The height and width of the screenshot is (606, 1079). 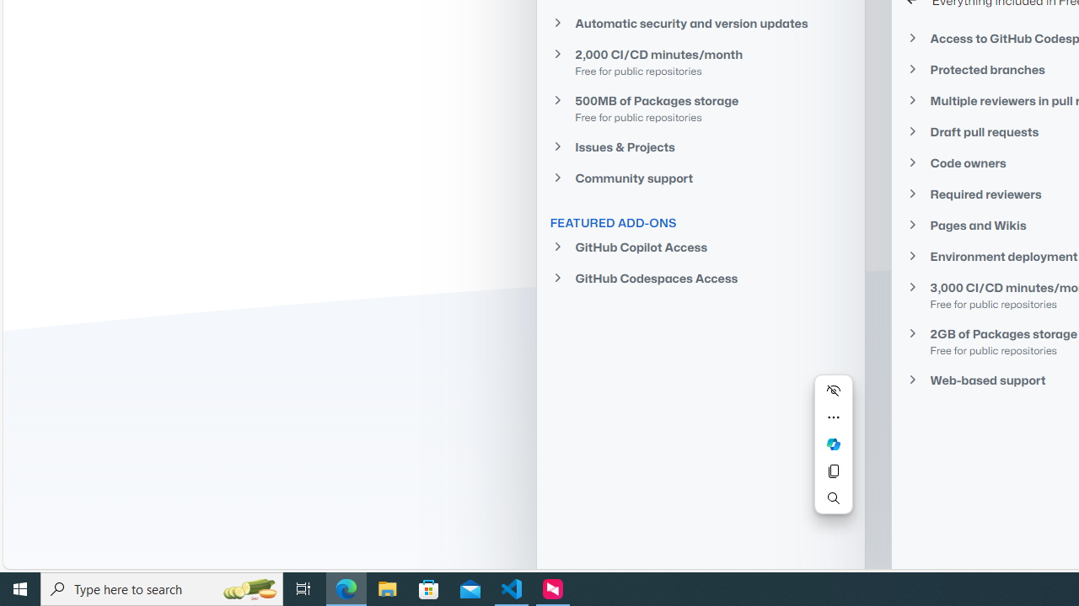 I want to click on '2,000 CI/CD minutes/monthFree for public repositories', so click(x=700, y=61).